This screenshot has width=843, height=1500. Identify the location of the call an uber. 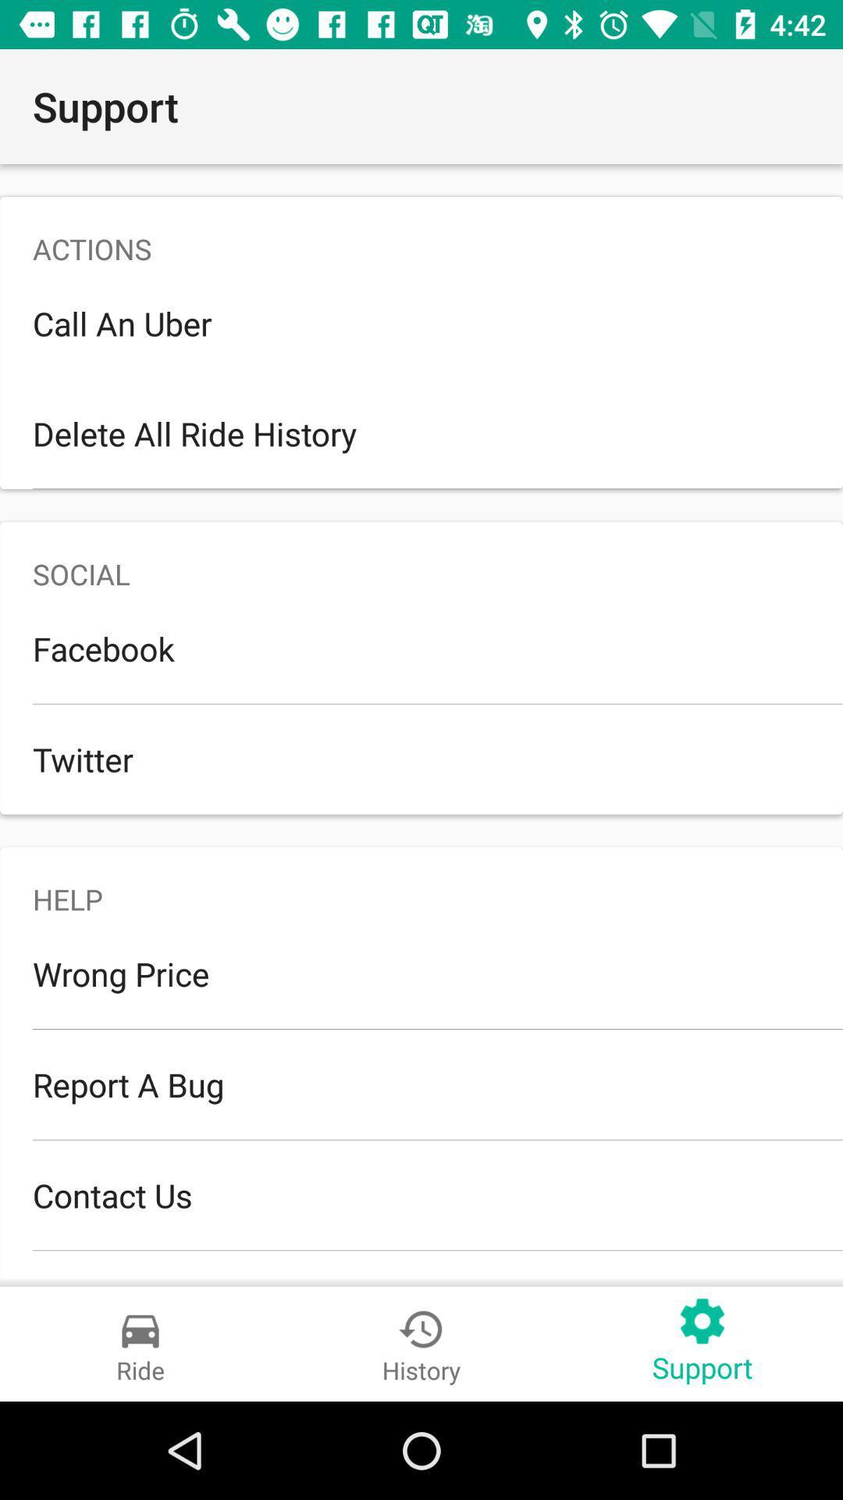
(421, 322).